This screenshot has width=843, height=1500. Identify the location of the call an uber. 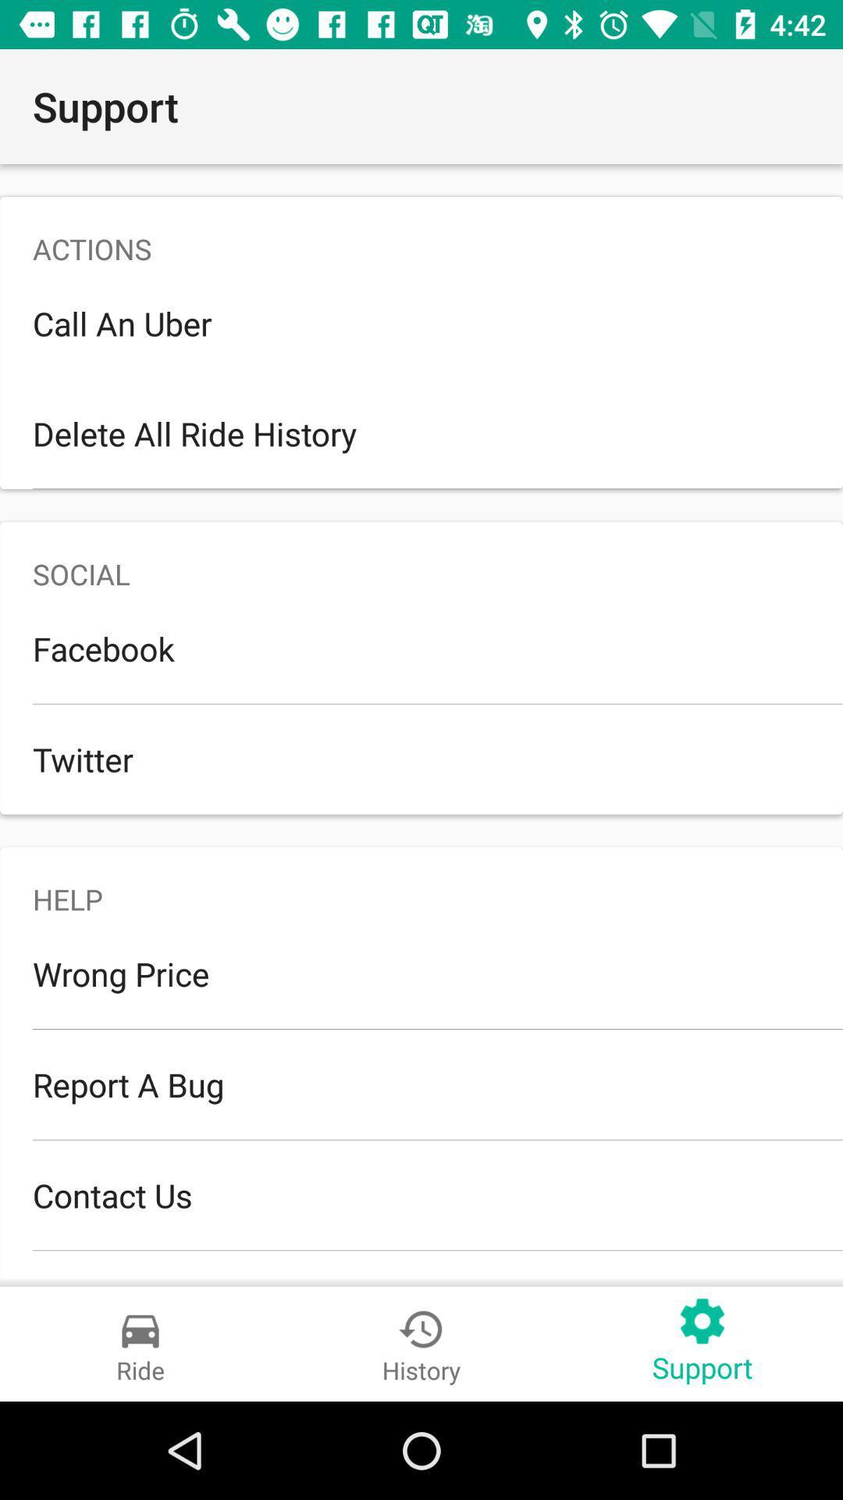
(421, 322).